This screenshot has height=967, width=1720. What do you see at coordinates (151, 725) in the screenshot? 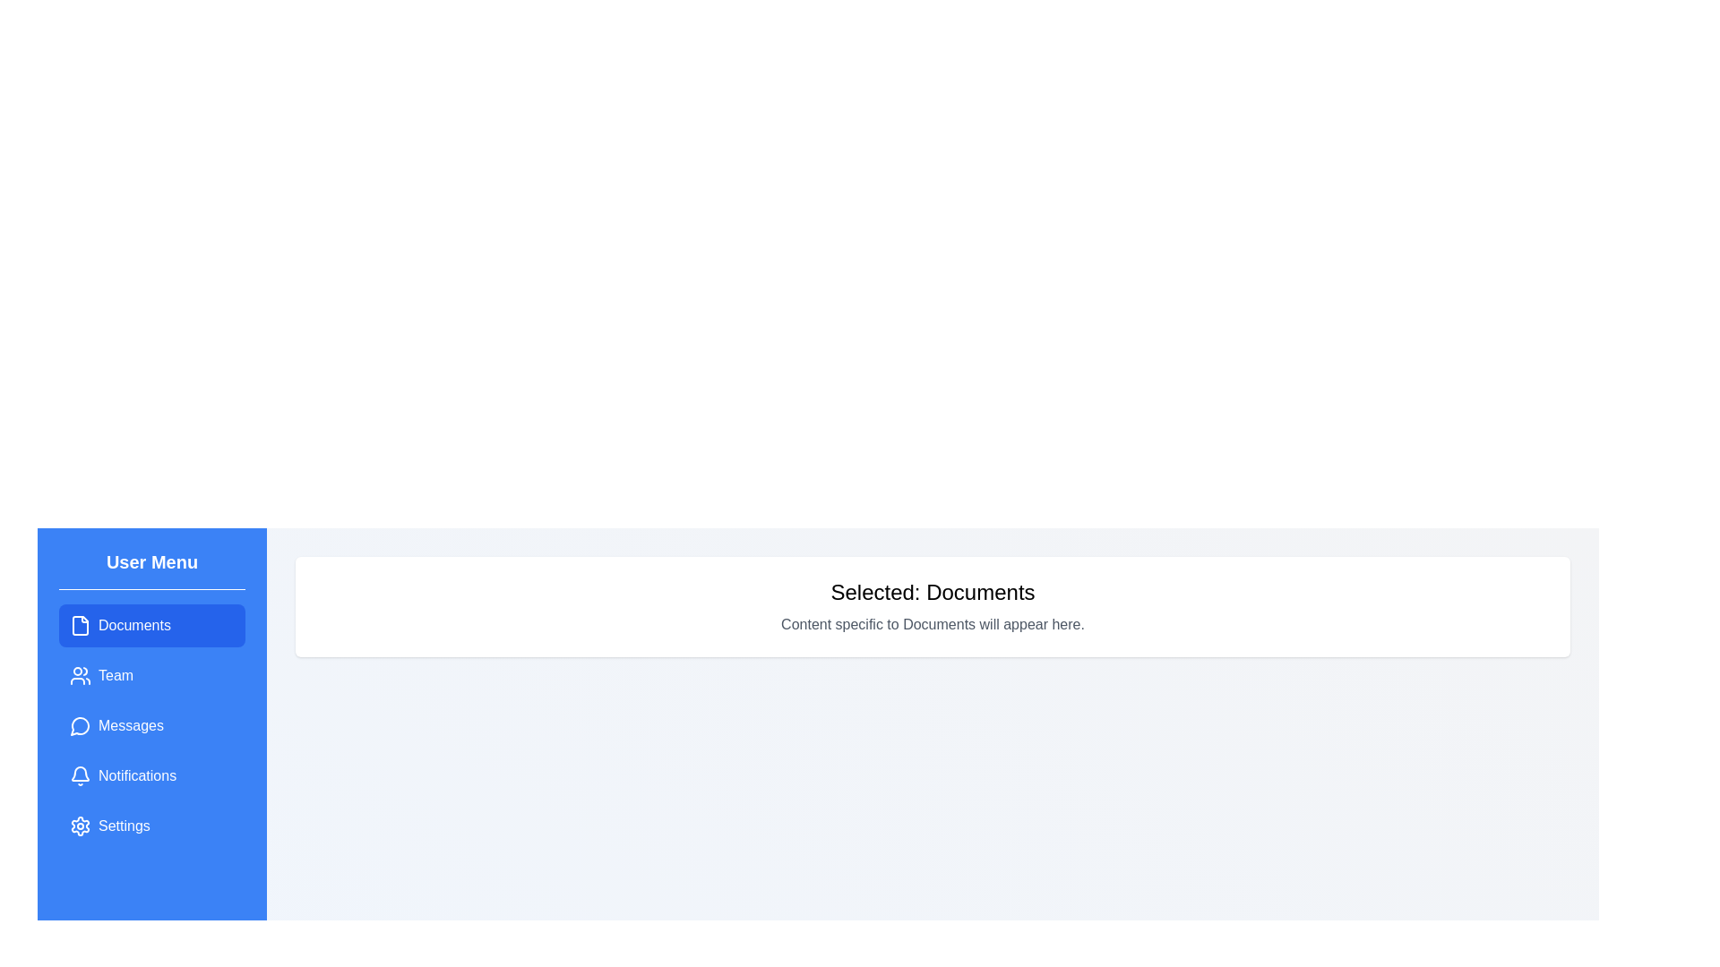
I see `the menu item labeled 'Messages' to observe its hover effect` at bounding box center [151, 725].